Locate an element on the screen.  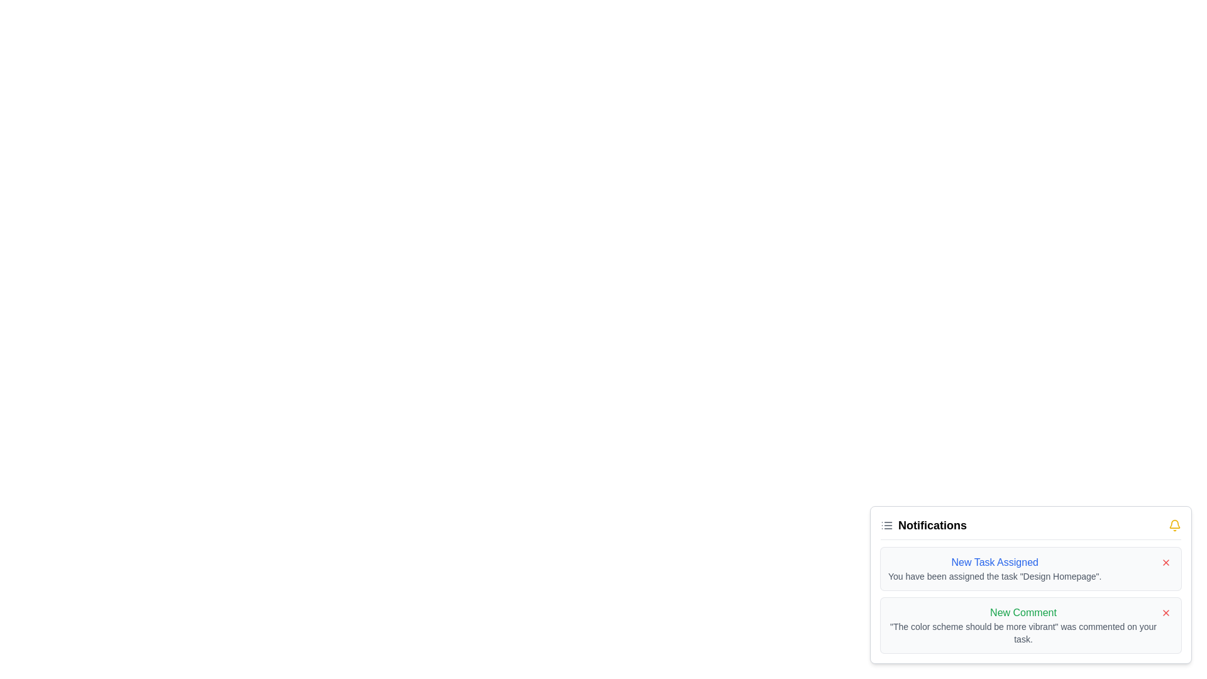
the notification icon located in the top-right corner of the small notification panel, which serves as a visual cue for available notifications is located at coordinates (1174, 524).